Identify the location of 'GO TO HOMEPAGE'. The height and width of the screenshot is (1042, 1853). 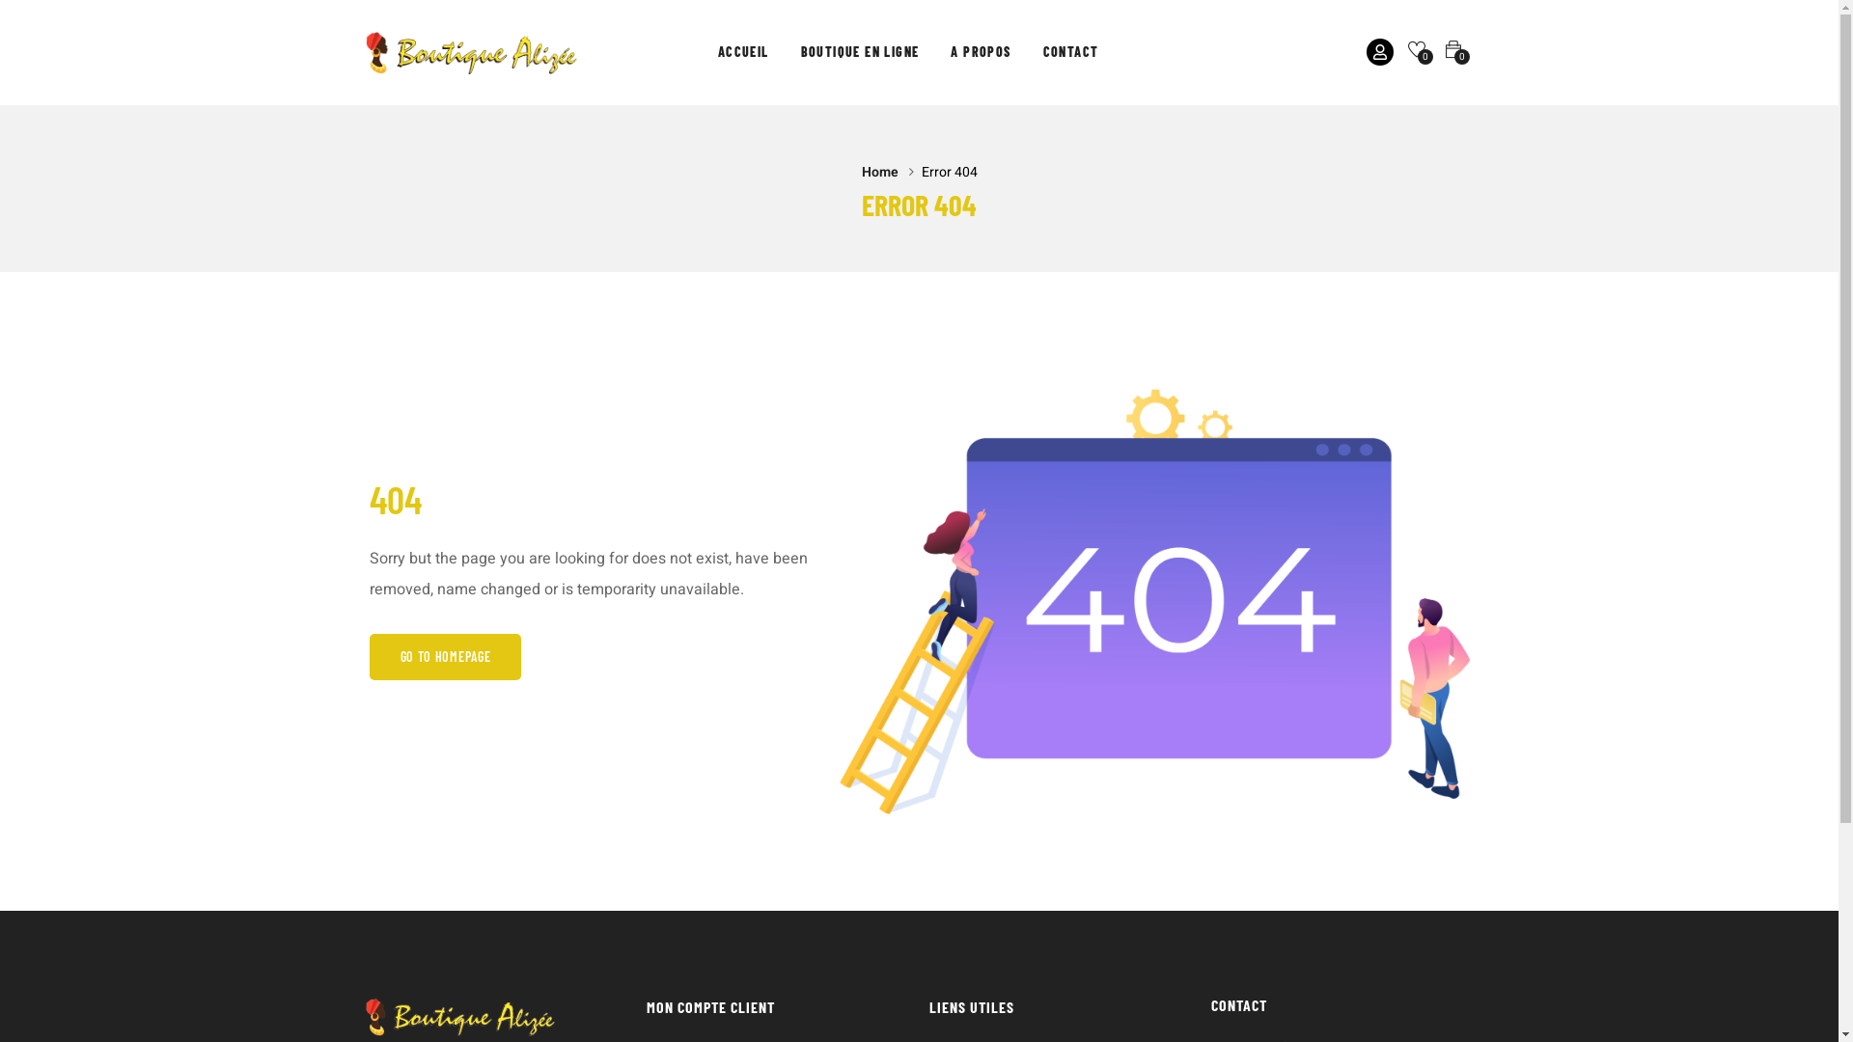
(443, 656).